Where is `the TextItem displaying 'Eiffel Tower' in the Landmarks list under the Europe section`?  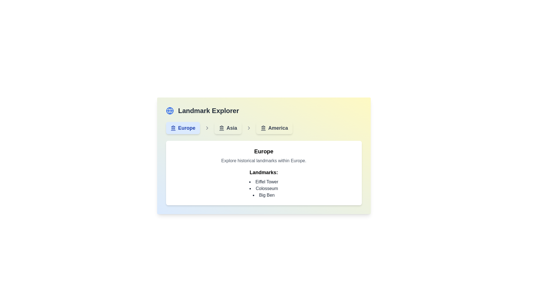
the TextItem displaying 'Eiffel Tower' in the Landmarks list under the Europe section is located at coordinates (263, 182).